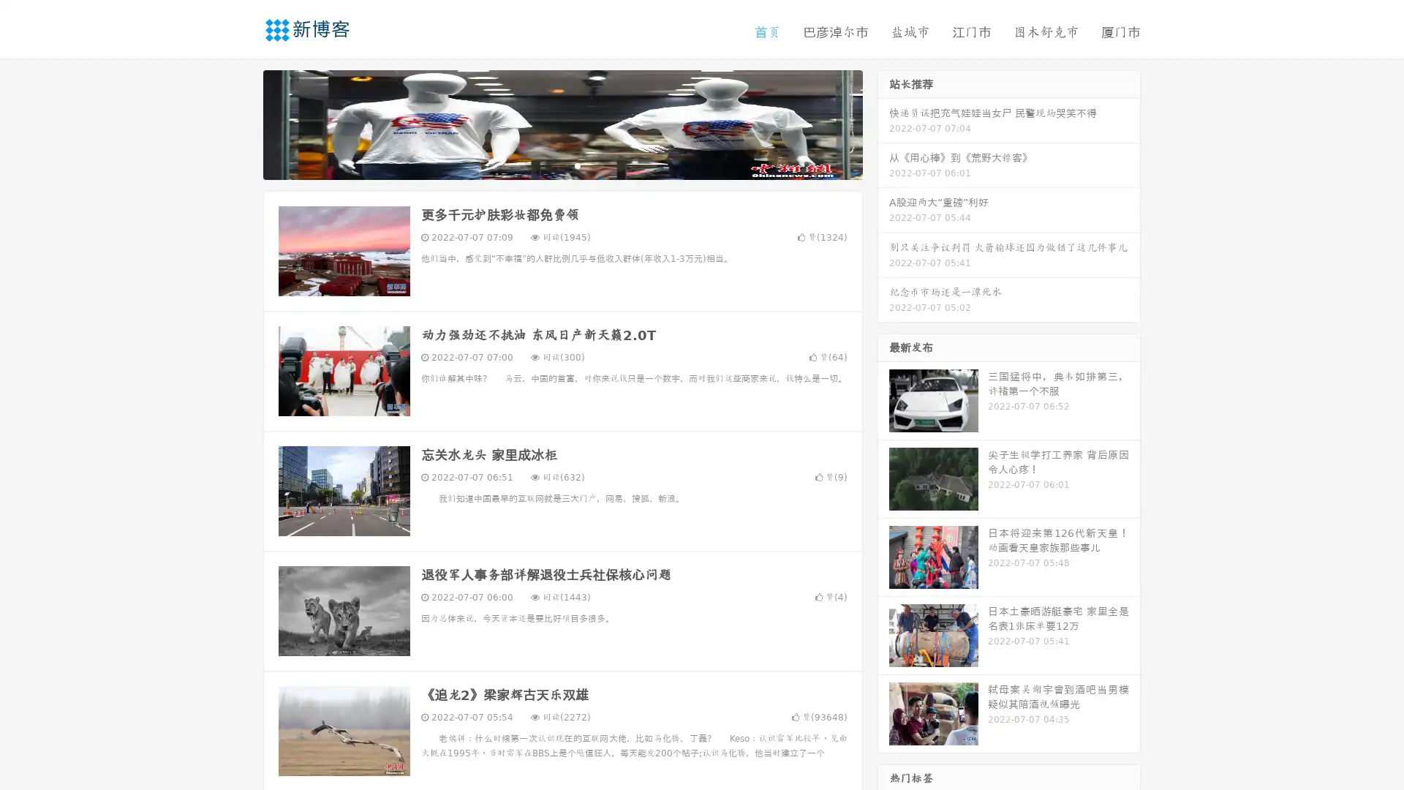 The height and width of the screenshot is (790, 1404). Describe the element at coordinates (883, 123) in the screenshot. I see `Next slide` at that location.